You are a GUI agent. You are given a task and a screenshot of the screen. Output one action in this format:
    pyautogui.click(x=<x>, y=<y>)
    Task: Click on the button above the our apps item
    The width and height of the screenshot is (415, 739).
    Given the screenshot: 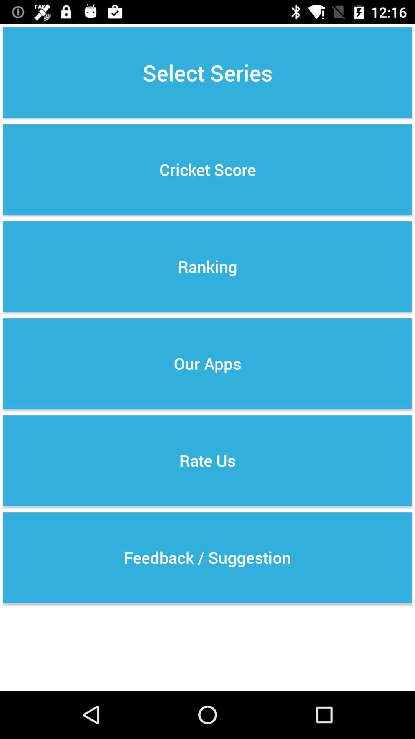 What is the action you would take?
    pyautogui.click(x=207, y=266)
    